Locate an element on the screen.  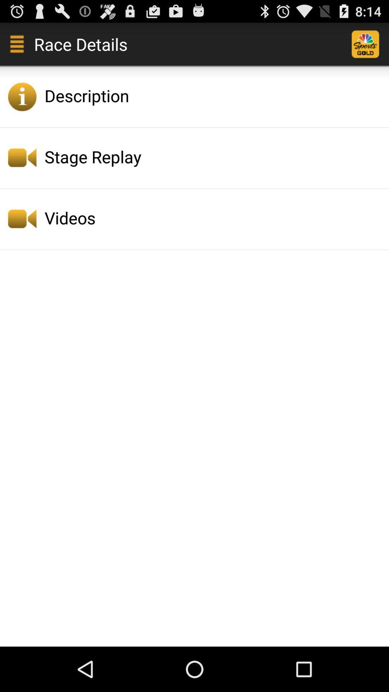
the icon above the videos is located at coordinates (214, 156).